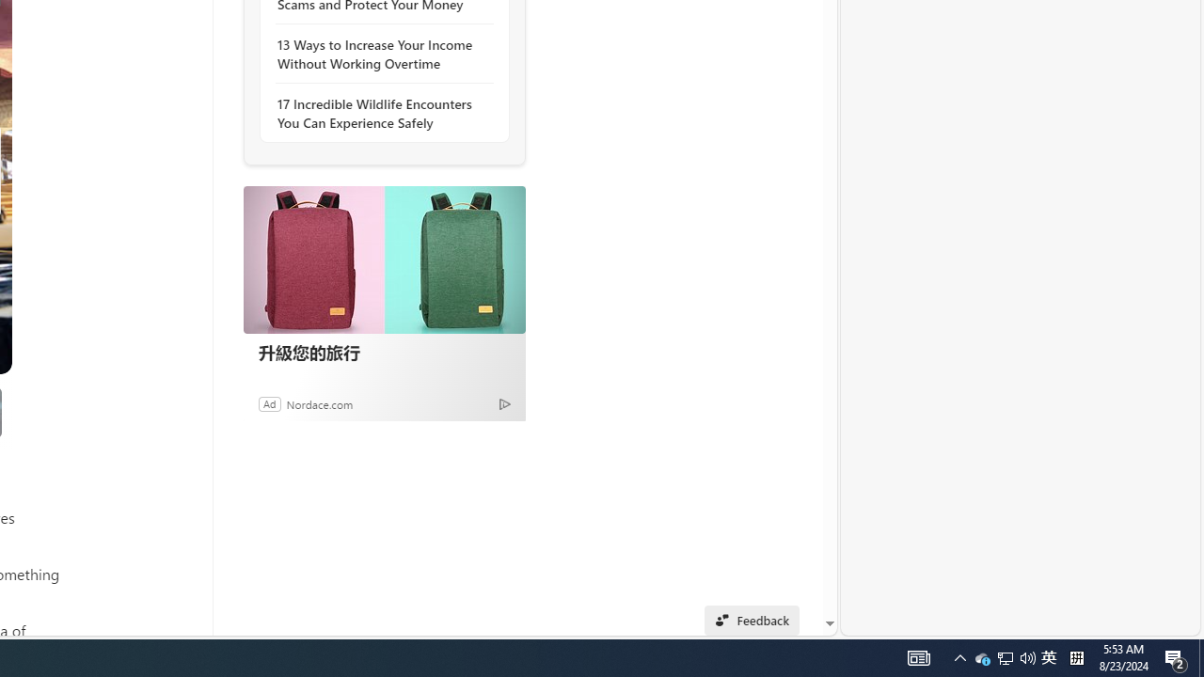  Describe the element at coordinates (751, 620) in the screenshot. I see `'Feedback'` at that location.